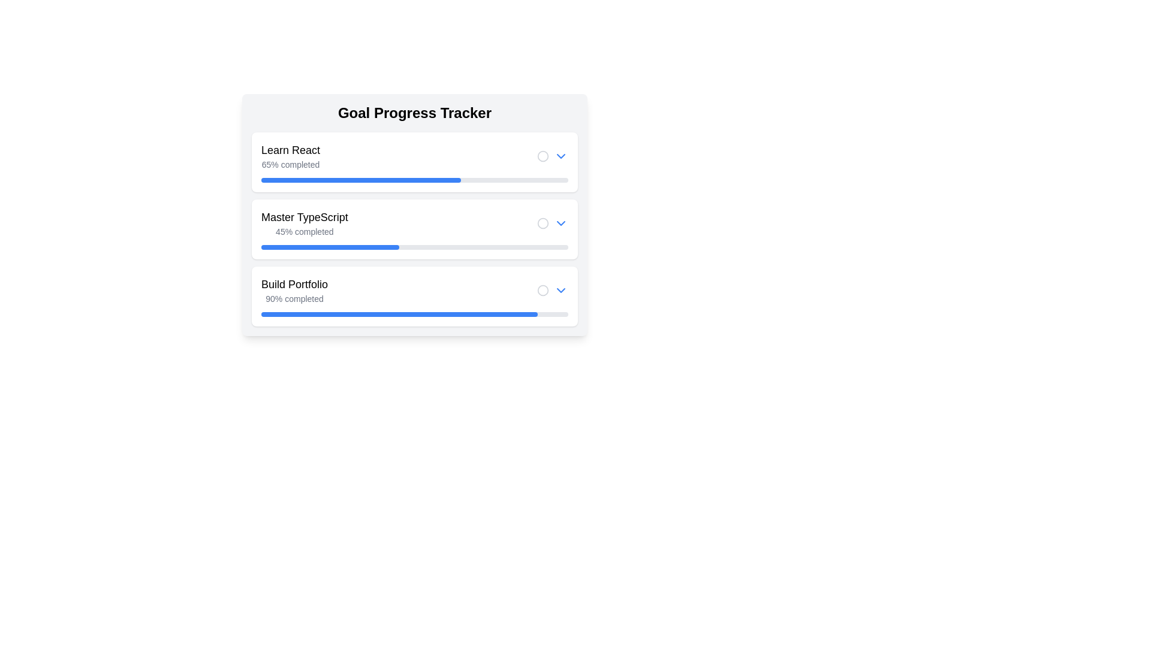  Describe the element at coordinates (552, 291) in the screenshot. I see `the interactive control group consisting of a gray circular icon and a blue downward-pointing arrow button located at the far right of the 'Build Portfolio' section in the 'Goal Progress Tracker' interface` at that location.